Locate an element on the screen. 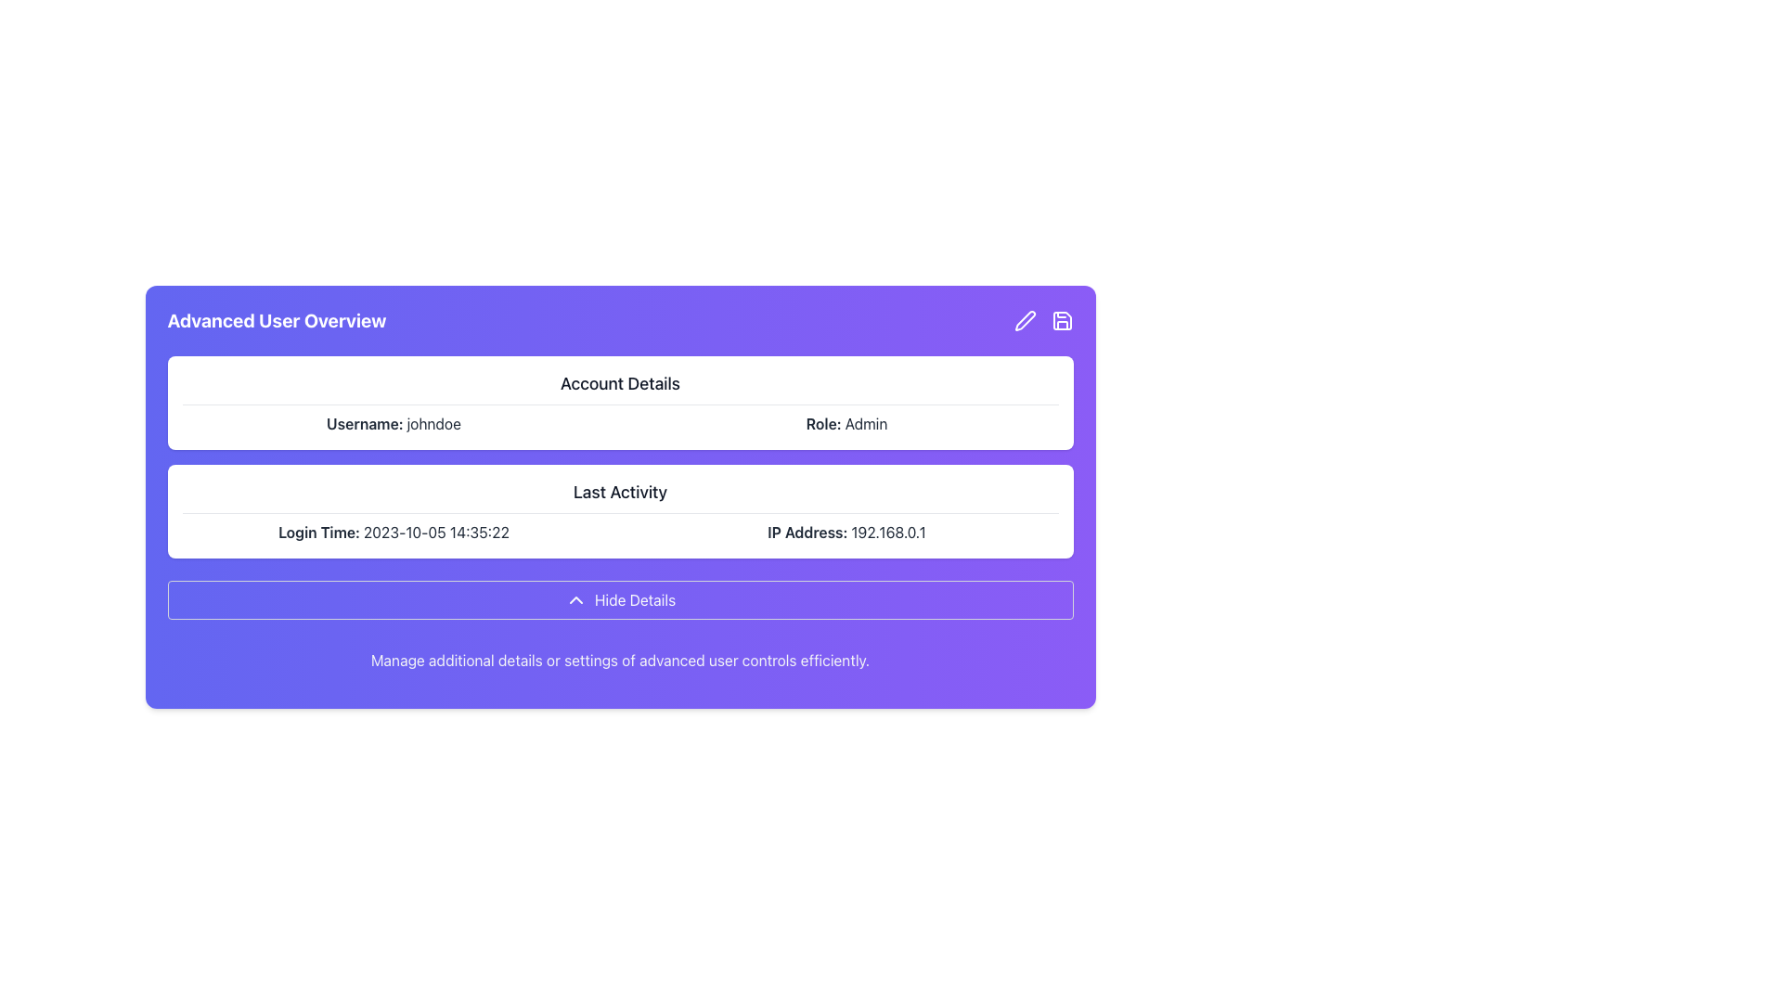 Image resolution: width=1782 pixels, height=1002 pixels. the non-interactive text label displaying the last login time, located under the 'Last Activity' section of the UI is located at coordinates (393, 533).